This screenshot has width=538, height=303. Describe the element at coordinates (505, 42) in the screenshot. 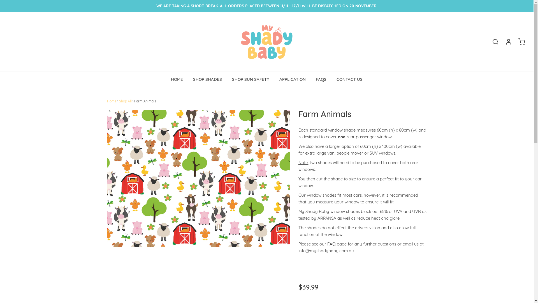

I see `'Log in'` at that location.